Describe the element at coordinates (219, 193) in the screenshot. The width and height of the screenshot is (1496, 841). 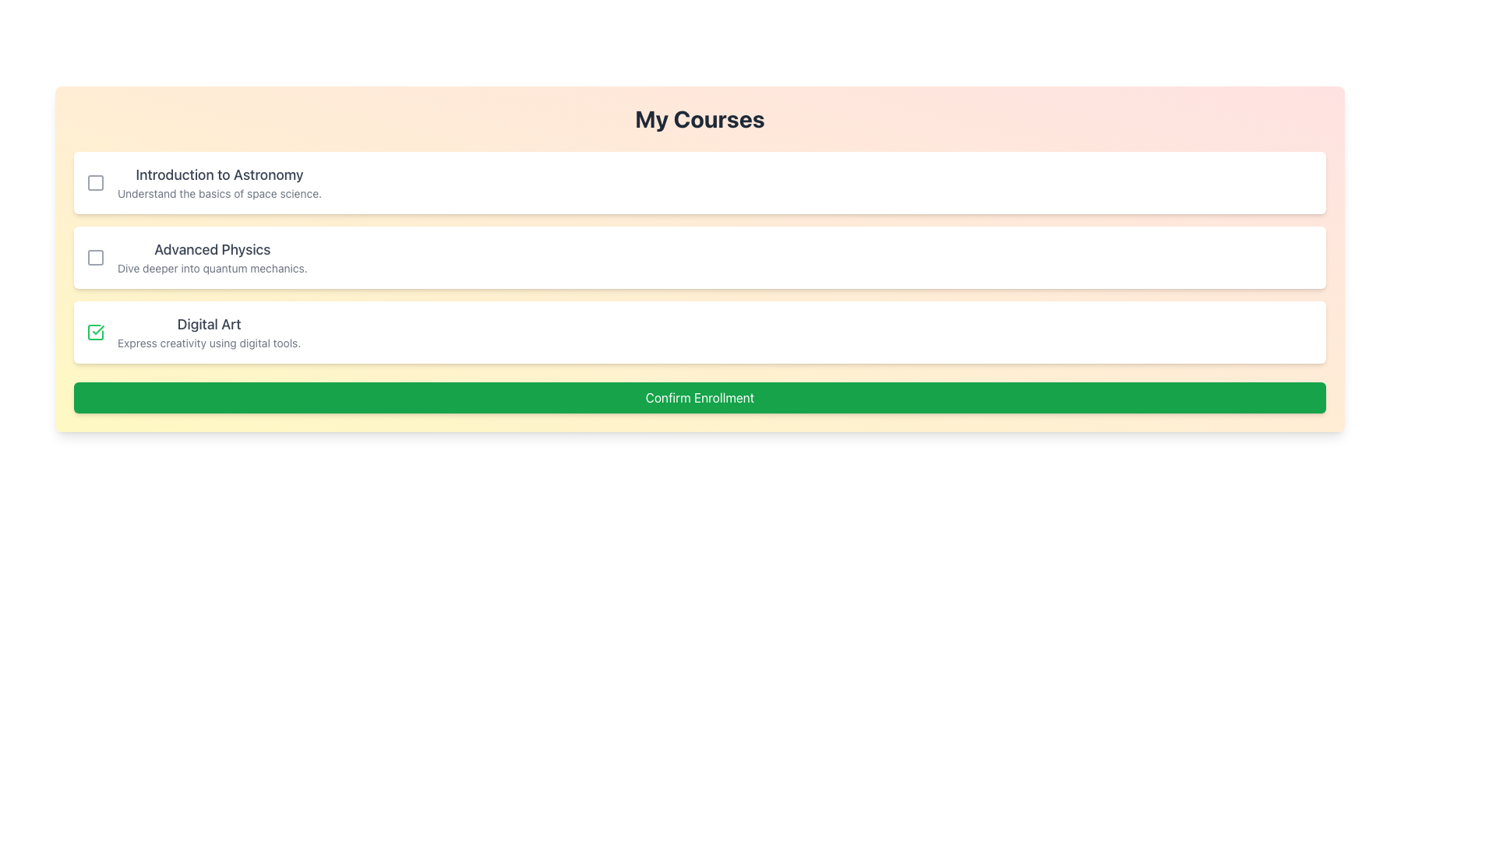
I see `the text element providing a brief description for the course titled 'Introduction to Astronomy', which is located directly below the header in the first course section of 'My Courses'` at that location.